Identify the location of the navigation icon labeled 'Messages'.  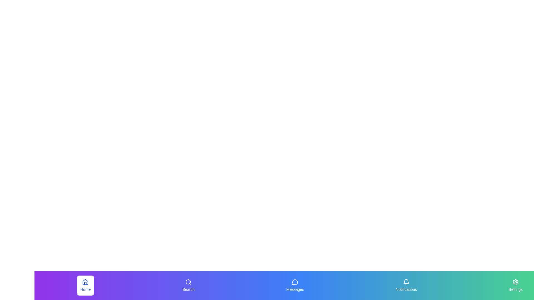
(295, 286).